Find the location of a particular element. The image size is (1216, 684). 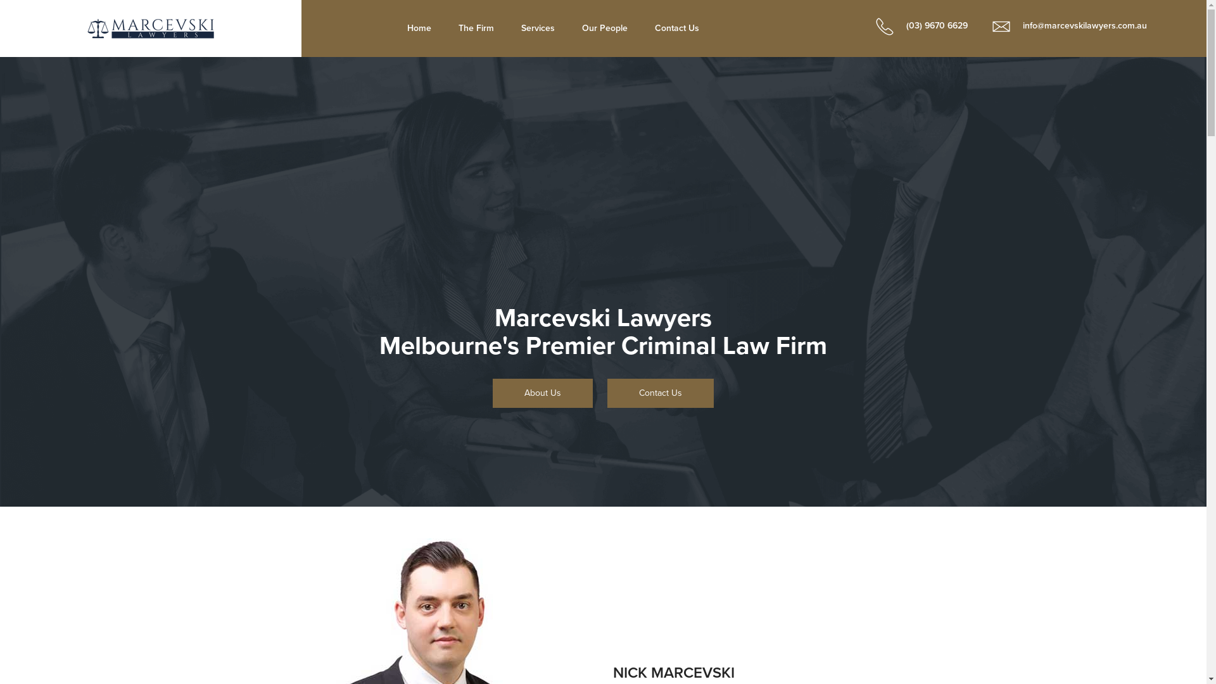

'Contact Us' is located at coordinates (676, 28).